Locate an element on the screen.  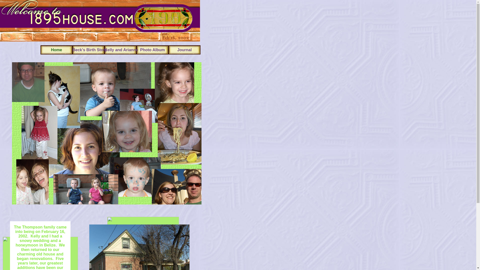
'Beck's Birth Story' is located at coordinates (72, 50).